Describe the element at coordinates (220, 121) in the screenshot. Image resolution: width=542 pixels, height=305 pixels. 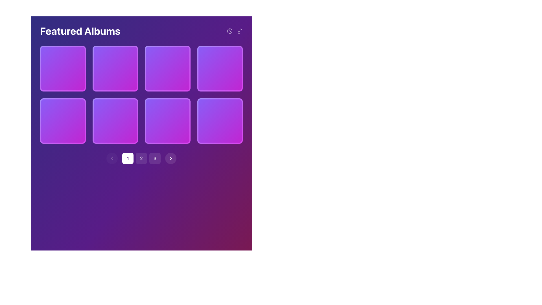
I see `the Card labeled 'Album 8', 'Artist 8', featuring a gradient background from violet to fuchsia, located in the fourth row and fourth column of the grid layout` at that location.